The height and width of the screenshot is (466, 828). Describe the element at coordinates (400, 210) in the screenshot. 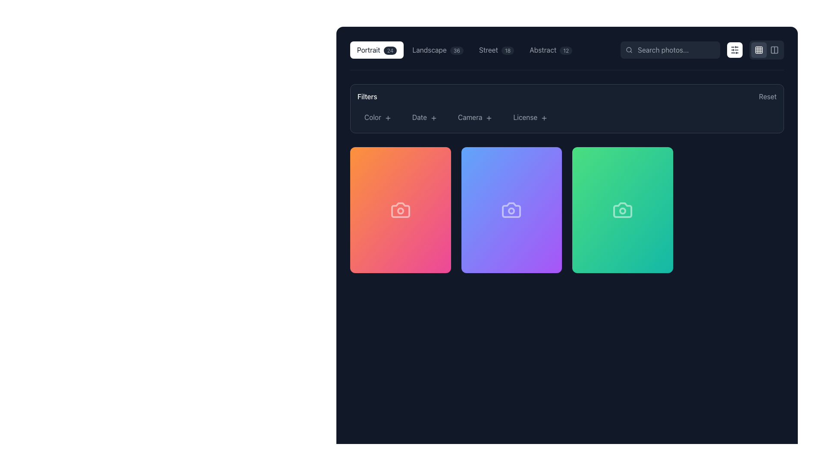

I see `the camera body shape in the leftmost card of the horizontal row beneath the Filters section, which visually represents a camera icon for filtering or sorting images` at that location.